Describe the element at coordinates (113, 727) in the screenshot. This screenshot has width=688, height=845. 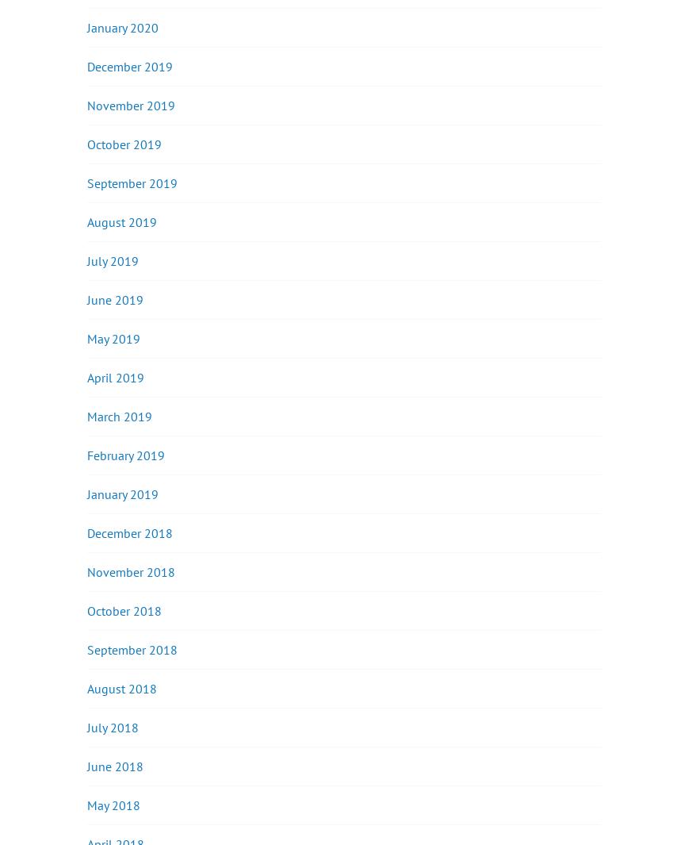
I see `'July 2018'` at that location.